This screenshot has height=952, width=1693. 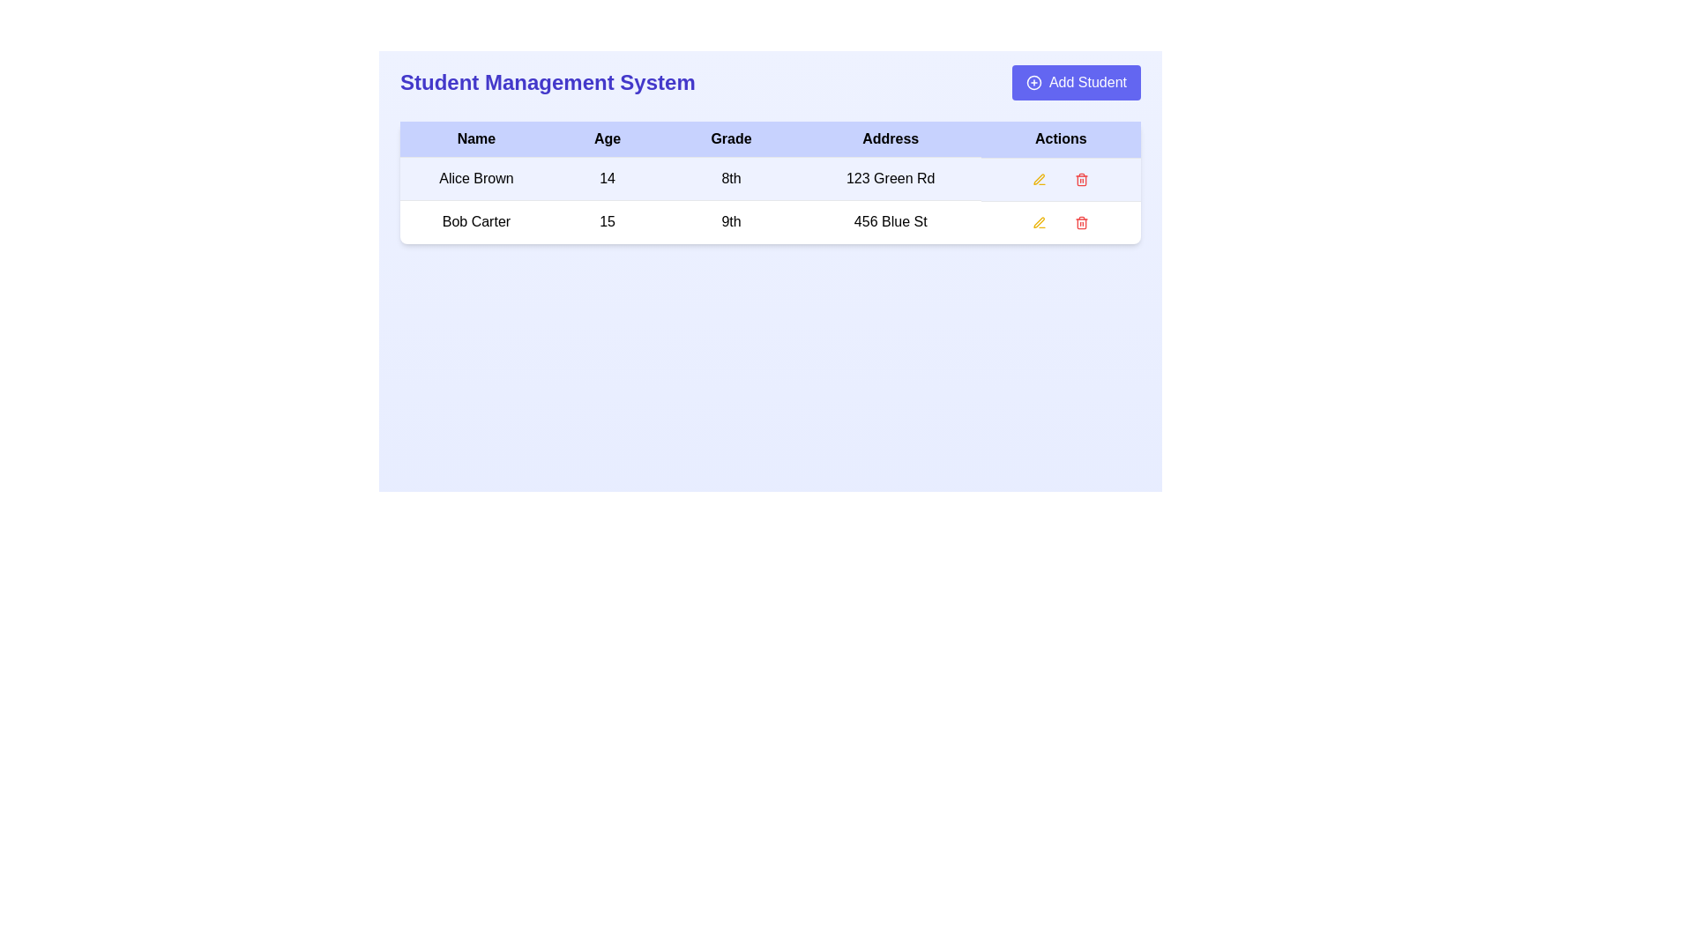 I want to click on to select the table row representing the details about 'Bob Carter', which is the second row in the table below 'Alice Brown', so click(x=770, y=220).